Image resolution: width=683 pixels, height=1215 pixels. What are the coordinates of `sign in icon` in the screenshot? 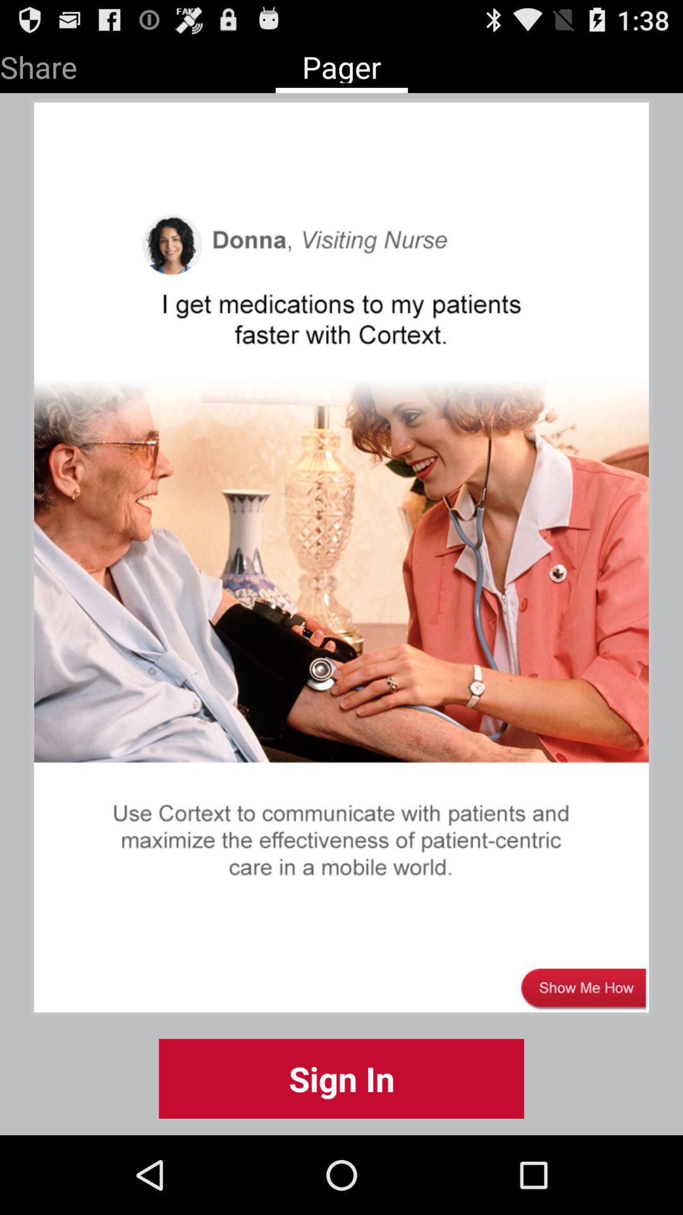 It's located at (341, 1078).